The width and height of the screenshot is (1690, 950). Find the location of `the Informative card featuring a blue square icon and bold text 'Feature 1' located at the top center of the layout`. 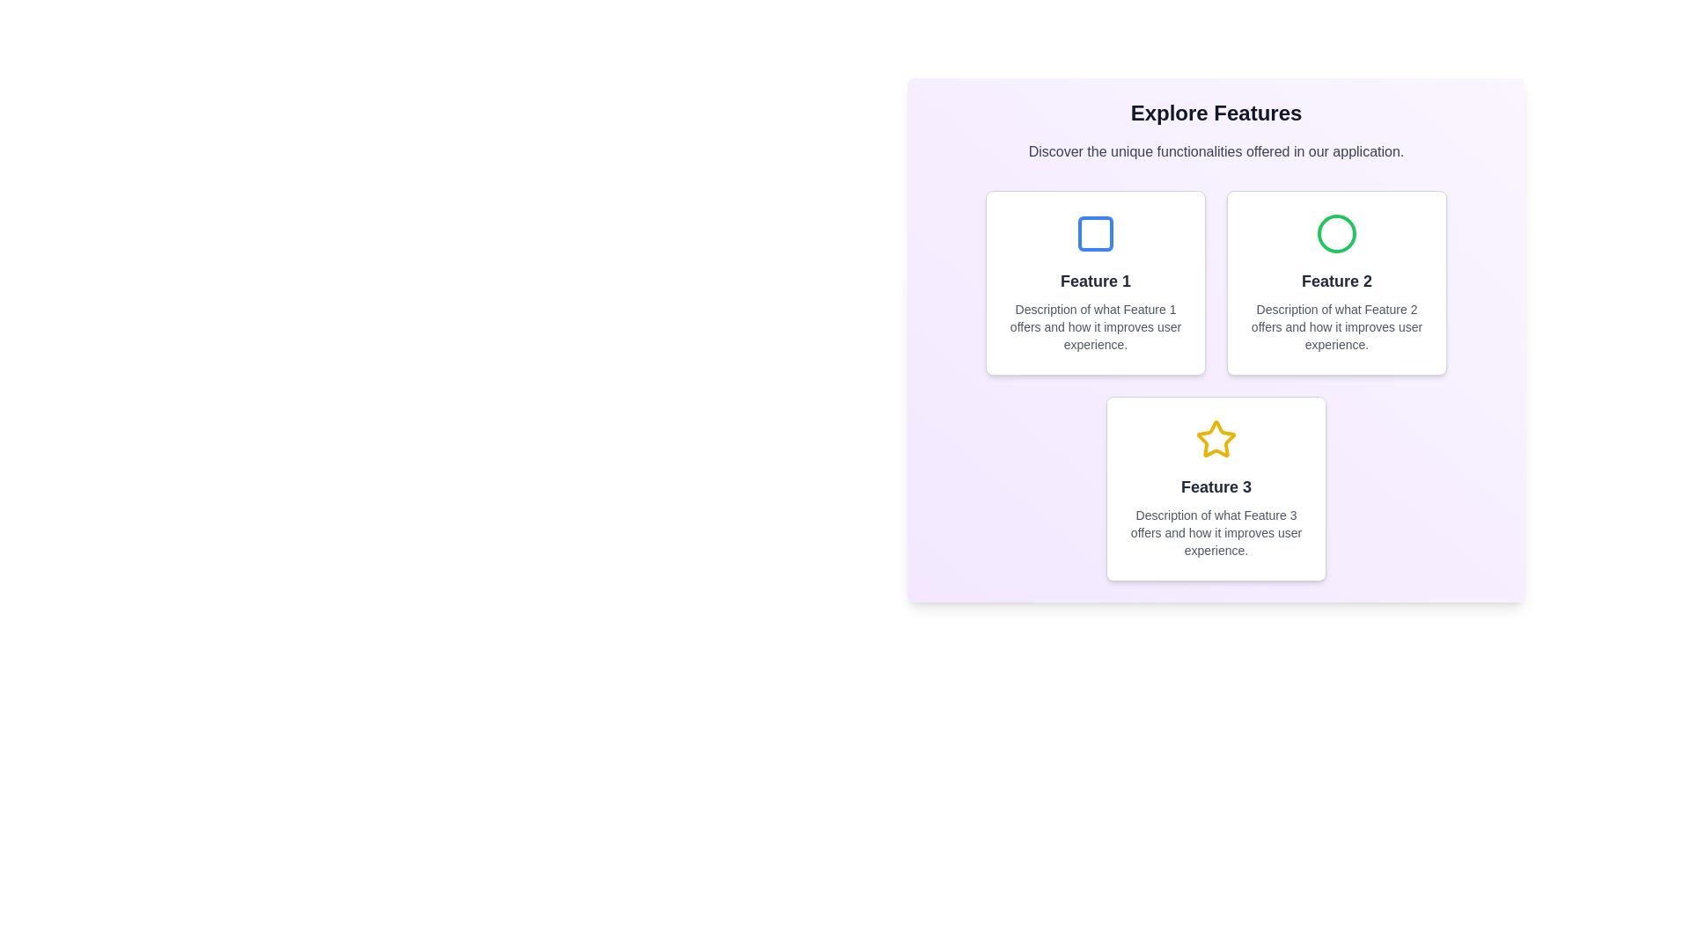

the Informative card featuring a blue square icon and bold text 'Feature 1' located at the top center of the layout is located at coordinates (1094, 281).